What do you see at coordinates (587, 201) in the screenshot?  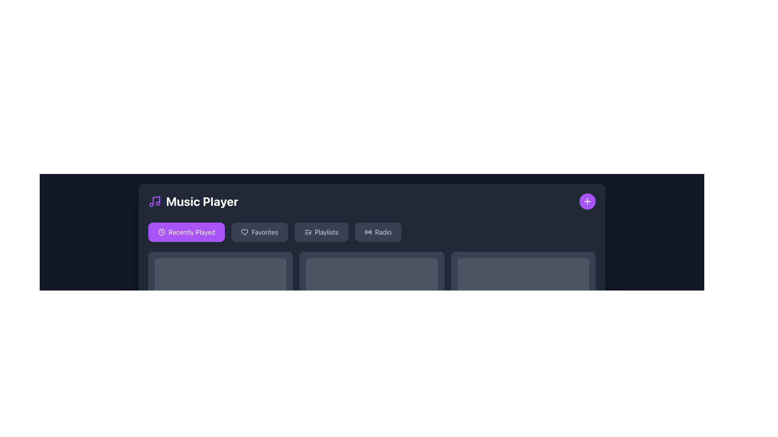 I see `the '+' button located at the top-right corner of the 'Music Player' header section to observe the hover effect` at bounding box center [587, 201].